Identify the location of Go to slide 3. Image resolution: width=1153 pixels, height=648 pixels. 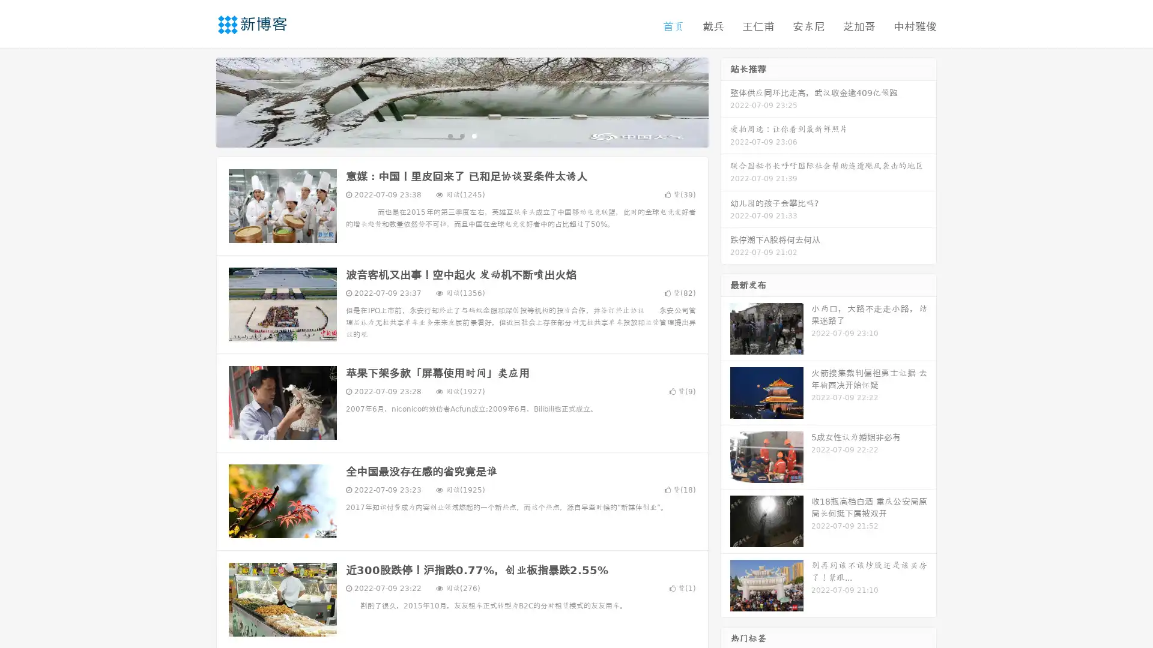
(474, 135).